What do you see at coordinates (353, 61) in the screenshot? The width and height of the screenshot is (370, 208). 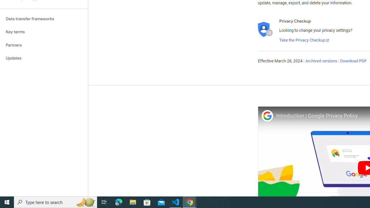 I see `'Download PDF'` at bounding box center [353, 61].